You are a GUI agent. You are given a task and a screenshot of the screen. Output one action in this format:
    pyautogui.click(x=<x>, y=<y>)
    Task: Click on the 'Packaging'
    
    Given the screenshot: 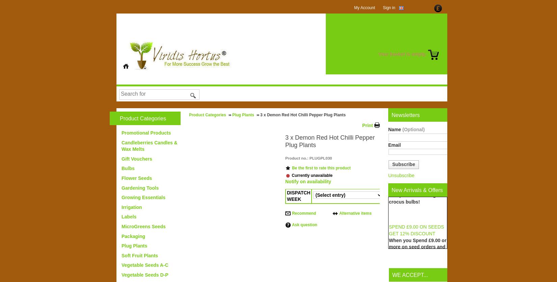 What is the action you would take?
    pyautogui.click(x=133, y=236)
    